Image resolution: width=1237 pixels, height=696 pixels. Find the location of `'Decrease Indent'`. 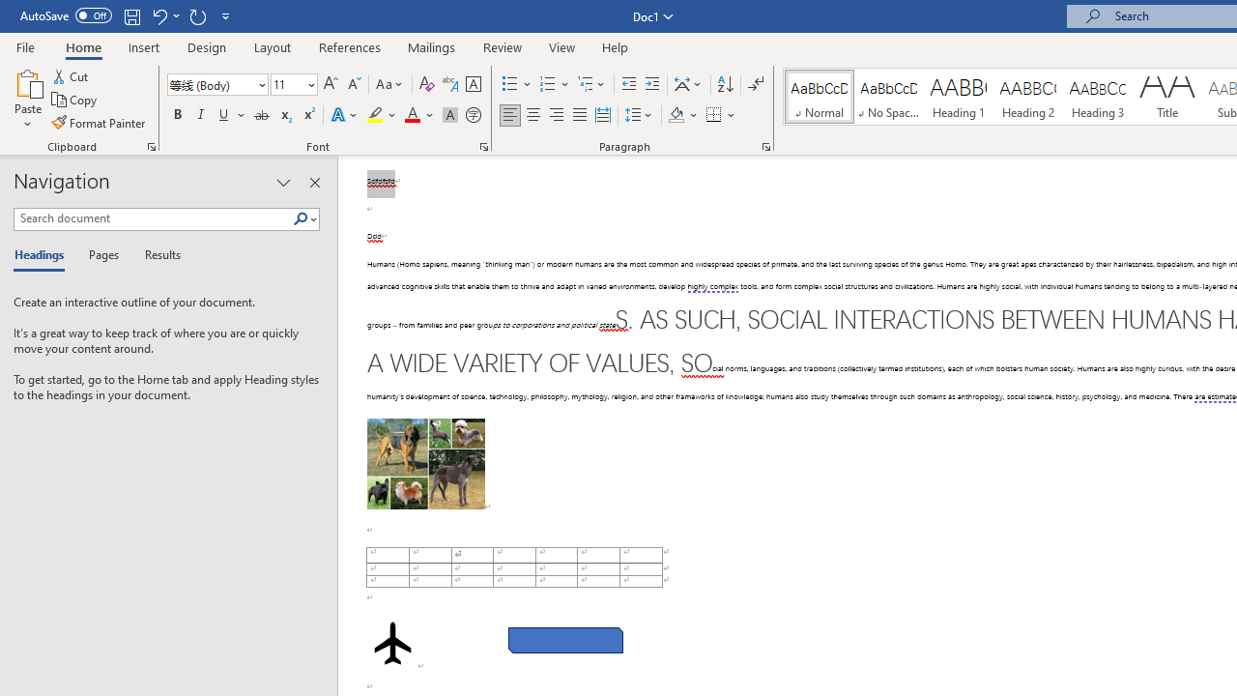

'Decrease Indent' is located at coordinates (628, 83).